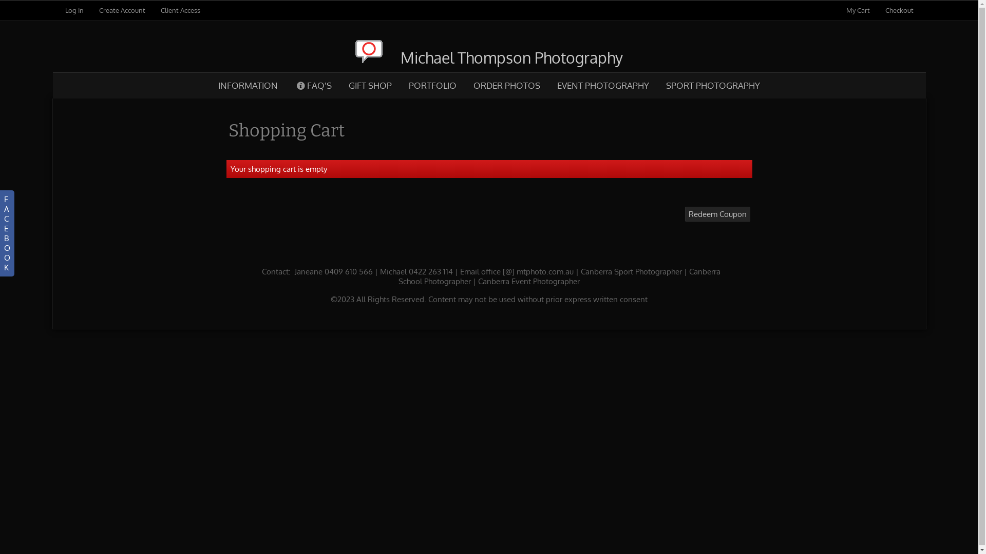 Image resolution: width=986 pixels, height=554 pixels. Describe the element at coordinates (884, 10) in the screenshot. I see `'Checkout'` at that location.